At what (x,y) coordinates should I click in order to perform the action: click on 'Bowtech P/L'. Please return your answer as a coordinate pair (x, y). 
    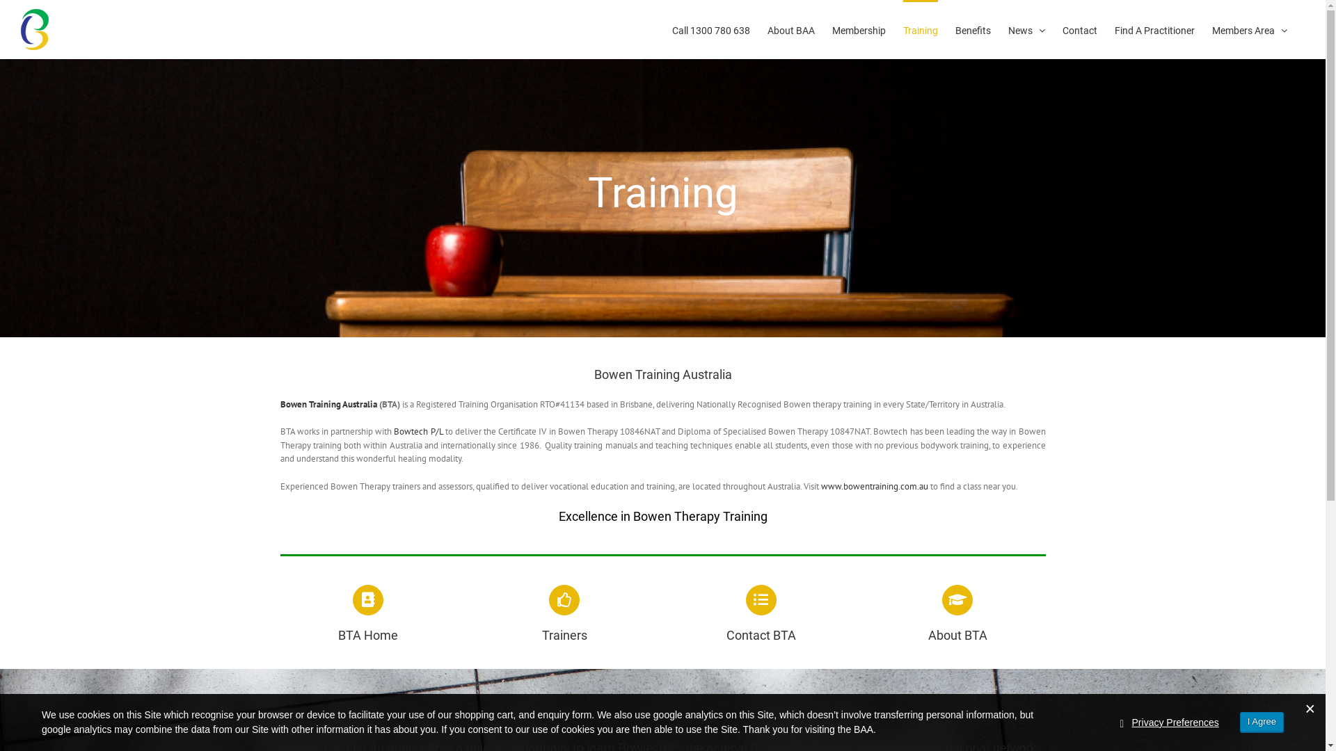
    Looking at the image, I should click on (417, 430).